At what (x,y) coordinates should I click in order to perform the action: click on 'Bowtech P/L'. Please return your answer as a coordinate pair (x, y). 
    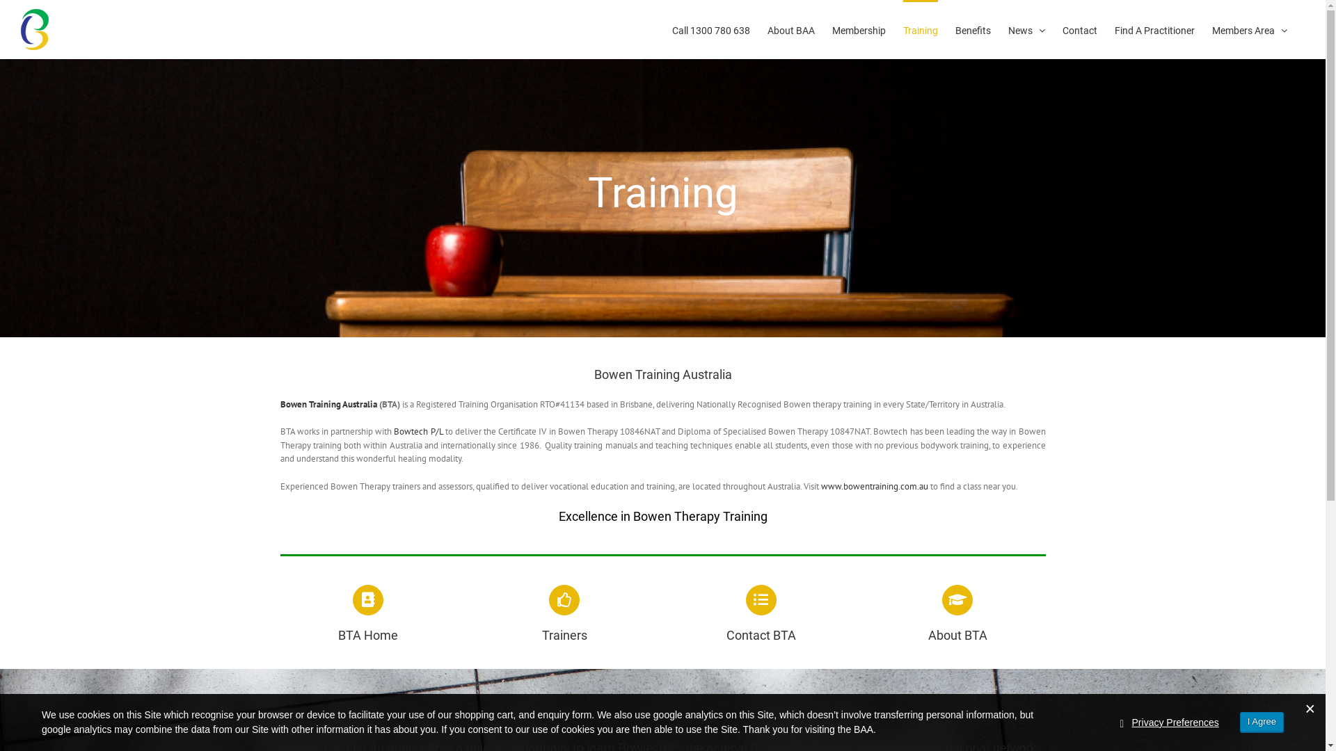
    Looking at the image, I should click on (417, 430).